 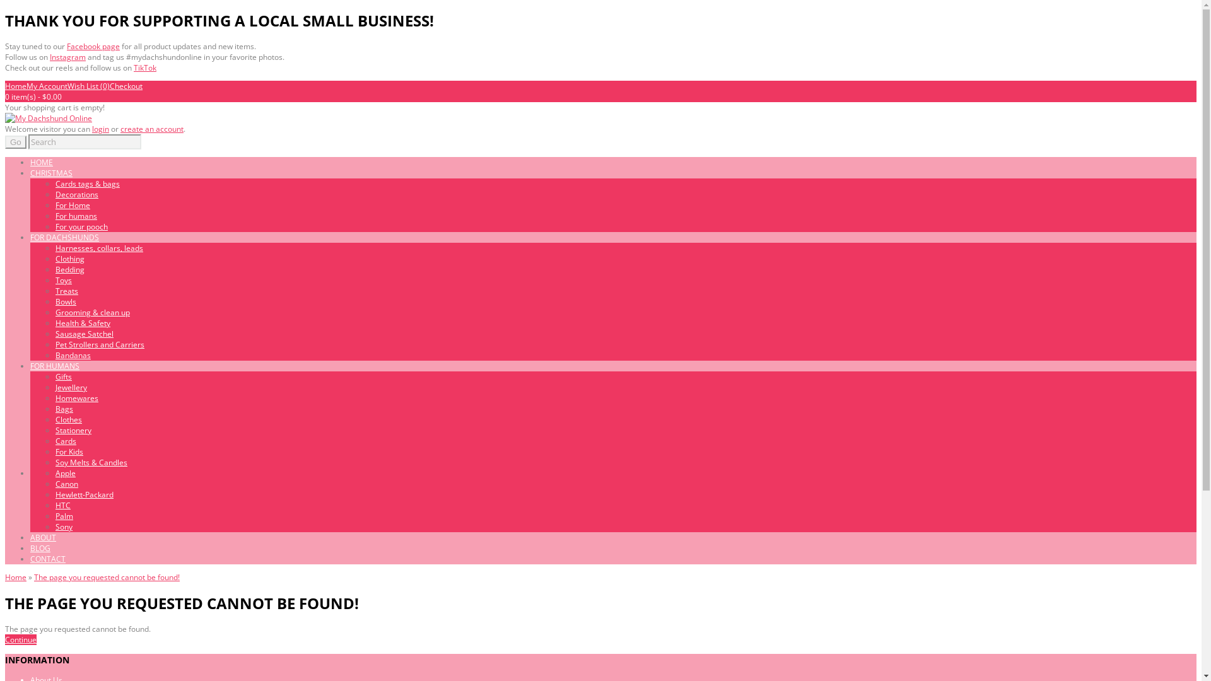 I want to click on 'For humans', so click(x=75, y=215).